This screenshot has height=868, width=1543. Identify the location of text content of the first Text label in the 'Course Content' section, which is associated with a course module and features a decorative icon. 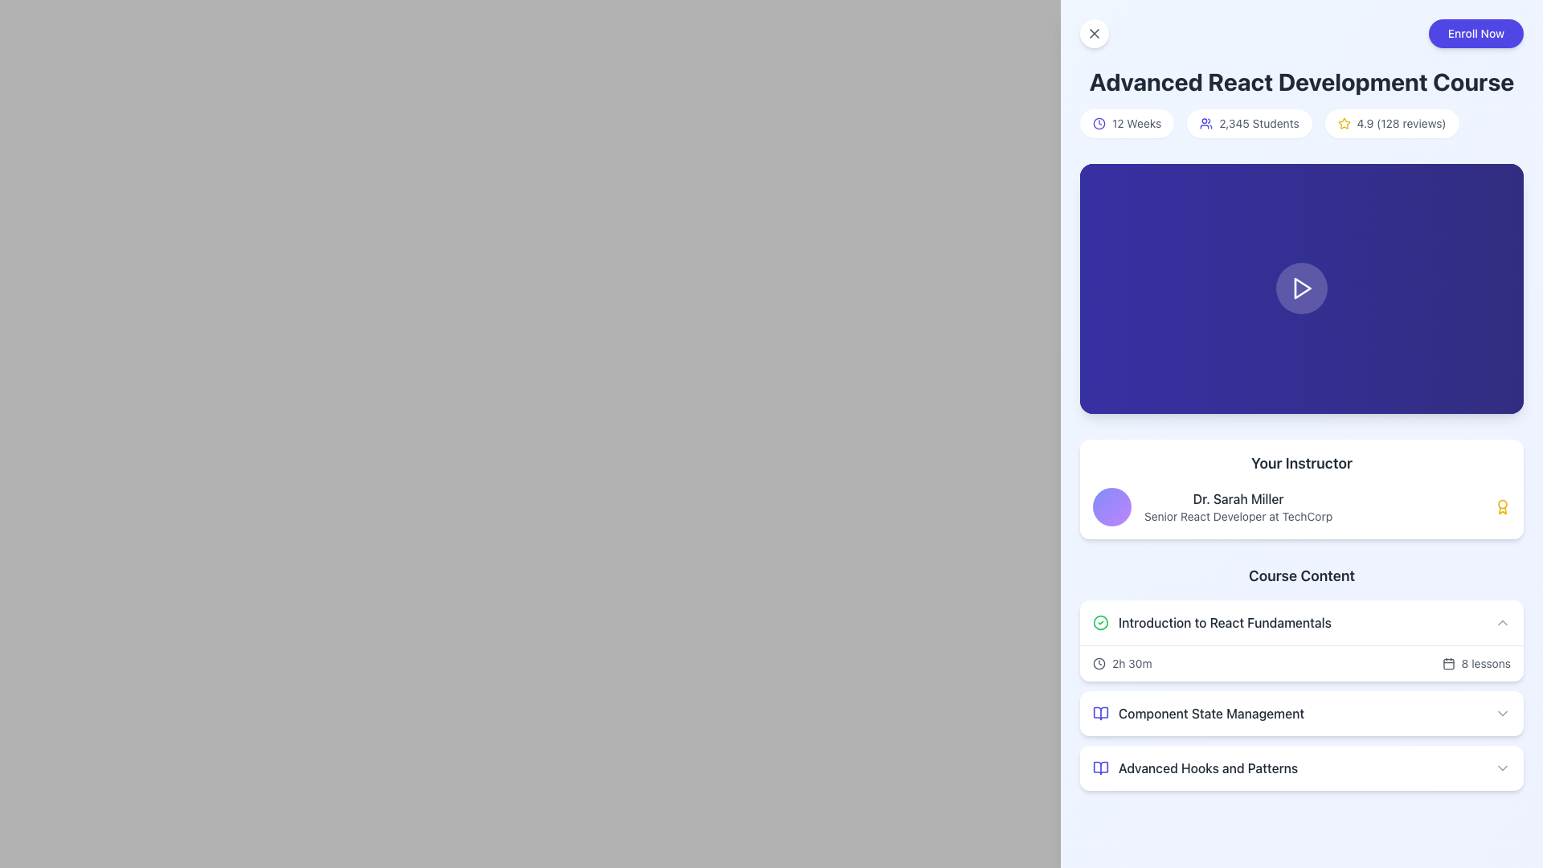
(1212, 621).